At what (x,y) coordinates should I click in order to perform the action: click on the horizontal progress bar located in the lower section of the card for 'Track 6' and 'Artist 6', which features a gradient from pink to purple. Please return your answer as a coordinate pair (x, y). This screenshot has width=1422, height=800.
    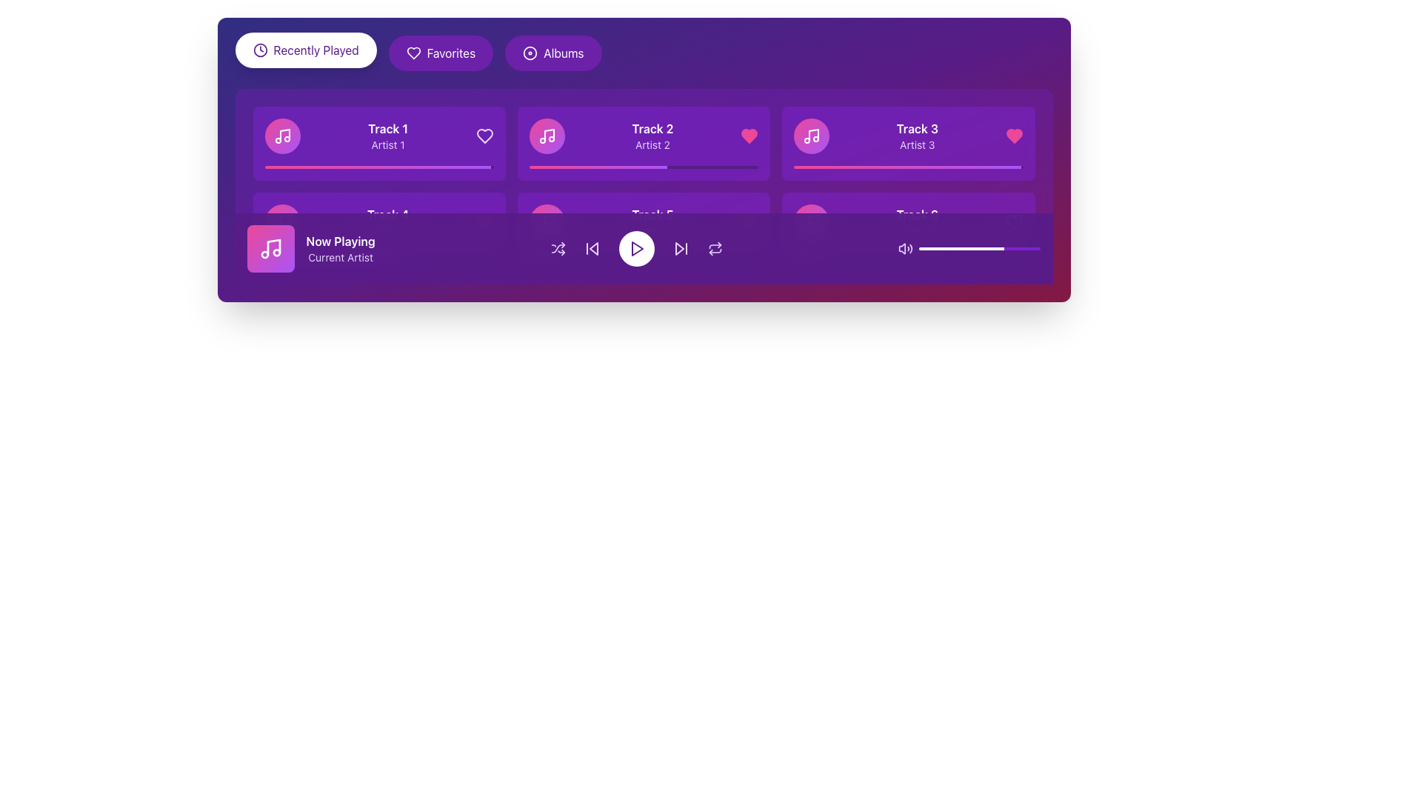
    Looking at the image, I should click on (907, 253).